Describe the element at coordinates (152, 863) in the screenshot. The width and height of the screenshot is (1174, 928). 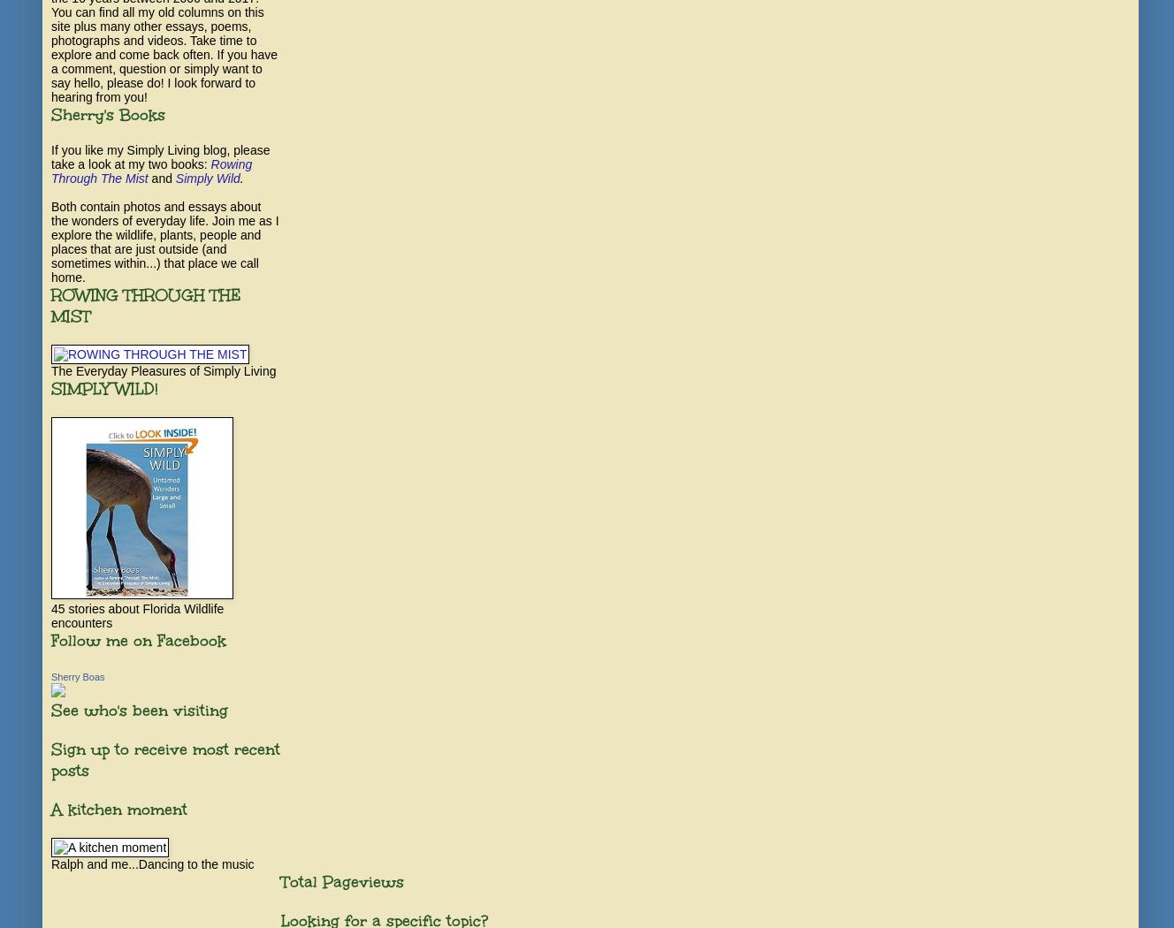
I see `'Ralph and me...Dancing to the music'` at that location.